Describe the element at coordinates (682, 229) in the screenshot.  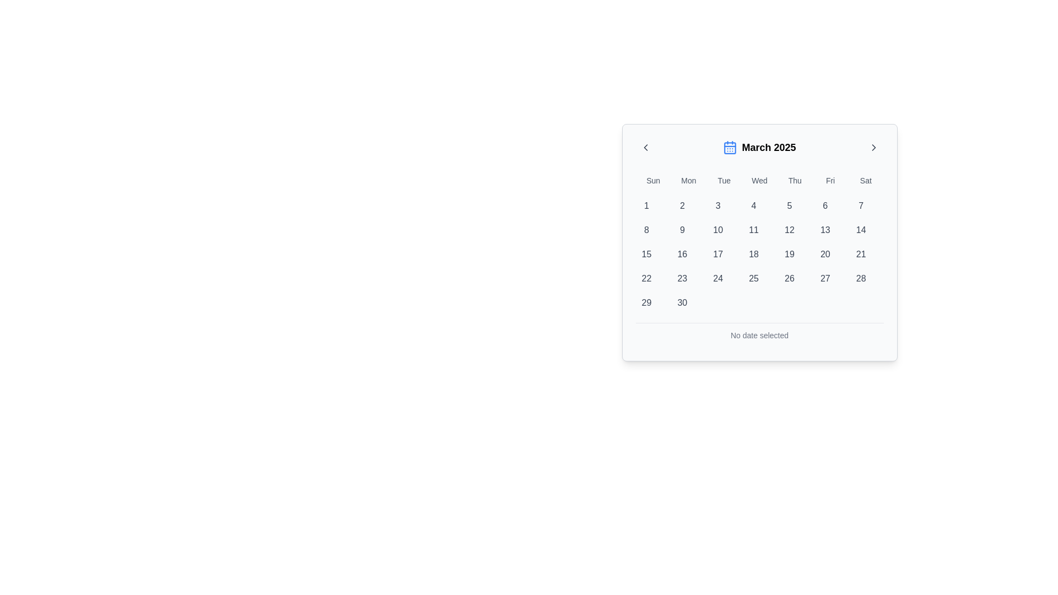
I see `the selectable date button located in the second row and second column of the calendar component` at that location.